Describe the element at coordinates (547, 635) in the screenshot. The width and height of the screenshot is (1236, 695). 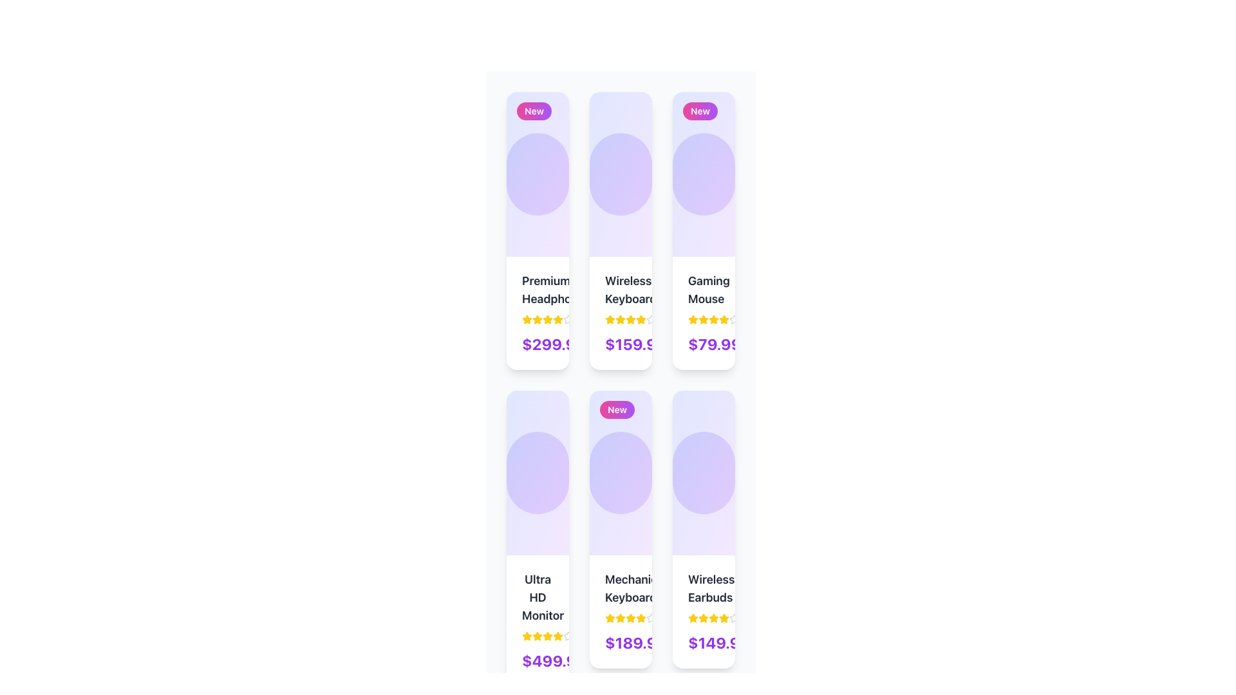
I see `the fourth yellow star icon in the five-star rating row` at that location.